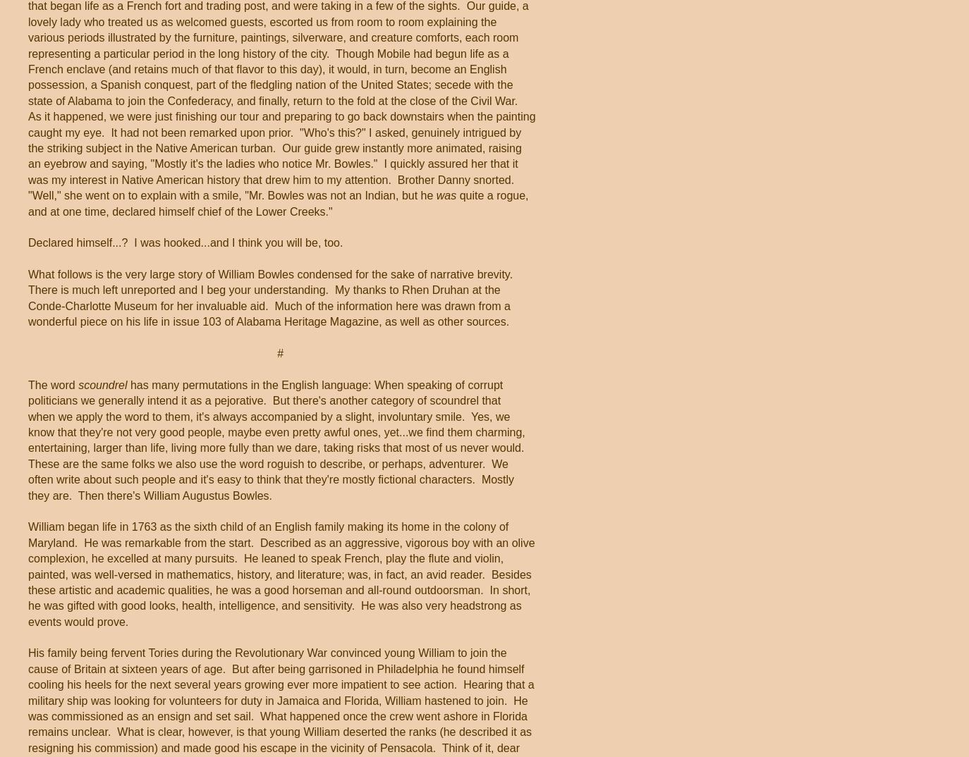 Image resolution: width=969 pixels, height=757 pixels. Describe the element at coordinates (272, 298) in the screenshot. I see `'What follows is the very large story of William Bowles condensed for the sake of narrative brevity.  There is much left unreported and I beg your understanding.  My thanks to Rhen Druhan at the Conde-Charlotte Museum for her invaluable aid.  Much of the information here was drawn from a wonderful piece on his life in issue 103 of Alabama Heritage Magazine, as well as other sources.'` at that location.